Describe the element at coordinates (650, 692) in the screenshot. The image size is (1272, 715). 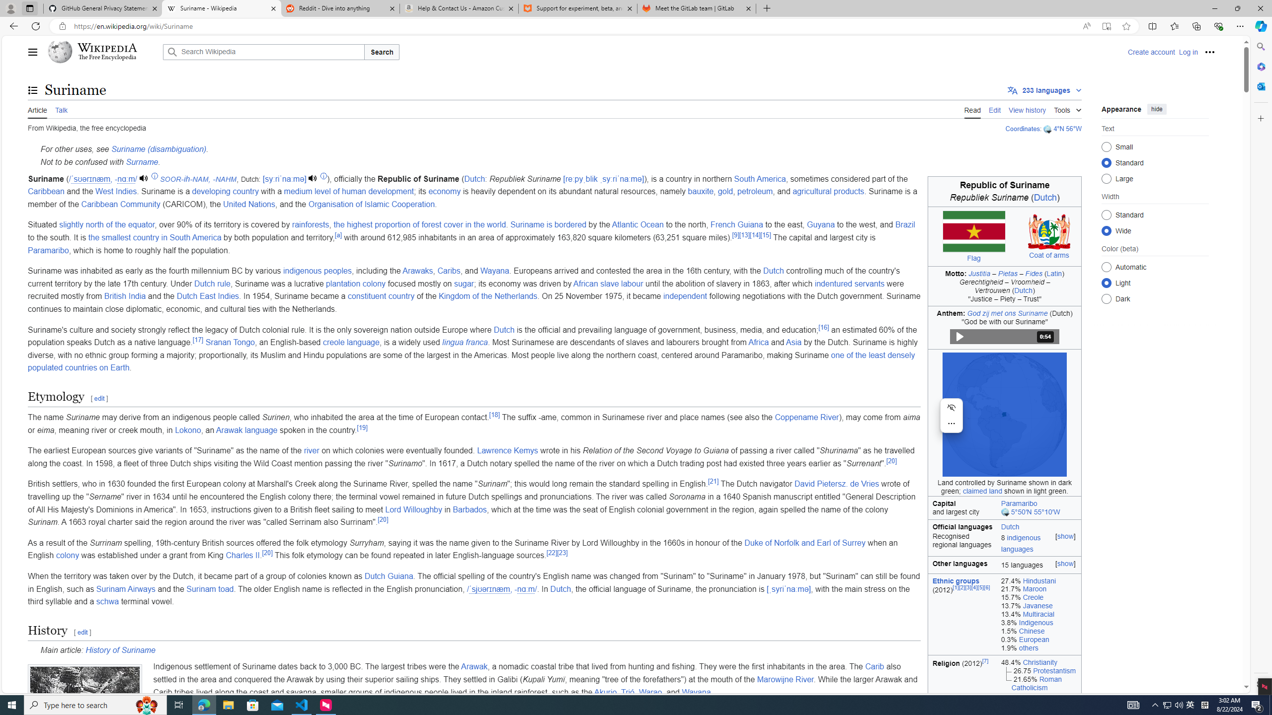
I see `'Warao'` at that location.